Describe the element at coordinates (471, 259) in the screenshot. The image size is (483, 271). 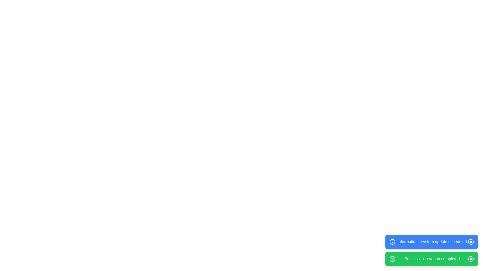
I see `the green circular dismiss button with a red cross inside it located in the top-right corner of the 'Success - operation completed.' notification bar` at that location.